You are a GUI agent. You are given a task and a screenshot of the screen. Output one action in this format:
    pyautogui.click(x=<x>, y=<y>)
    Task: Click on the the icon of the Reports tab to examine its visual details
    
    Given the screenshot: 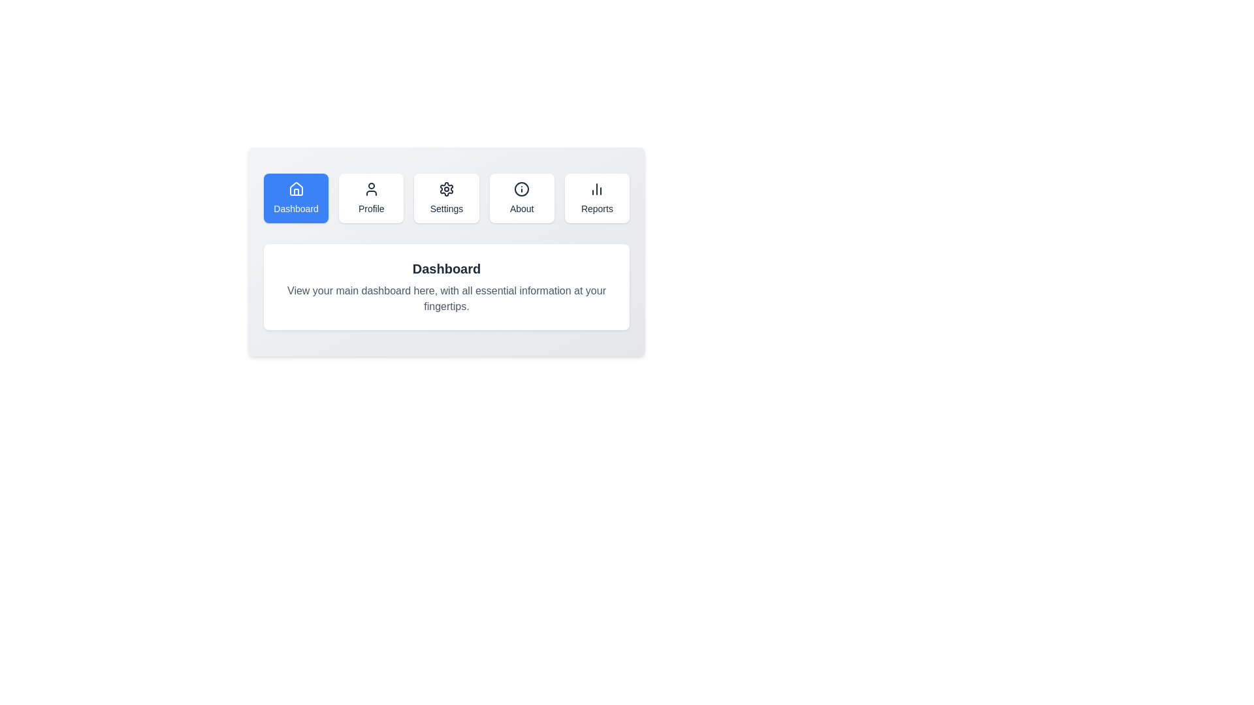 What is the action you would take?
    pyautogui.click(x=596, y=189)
    